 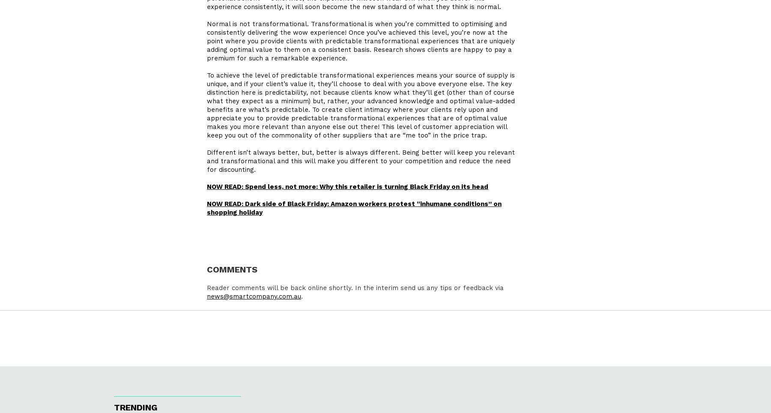 I want to click on 'Normal is not transformational. Transformational is when you’re committed to optimising and consistently delivering the wow experience! Once you’ve achieved this level,', so click(x=357, y=29).